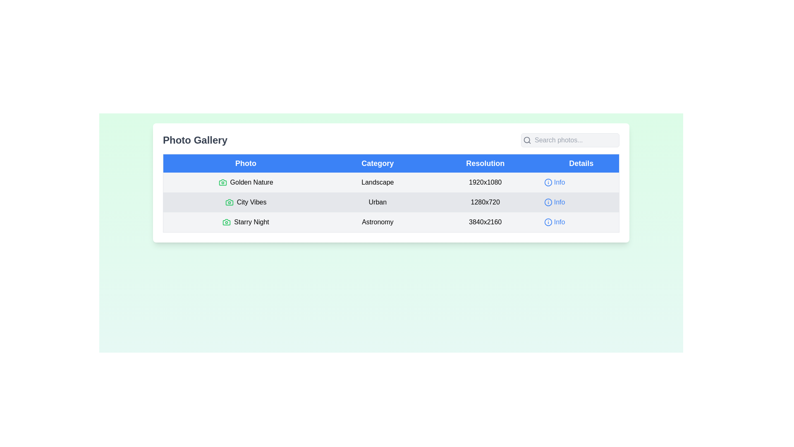  Describe the element at coordinates (548, 202) in the screenshot. I see `the circle element that is part of the 'Info' icon located in the 'Details' column of the second row for the entry labeled 'City Vibes'` at that location.